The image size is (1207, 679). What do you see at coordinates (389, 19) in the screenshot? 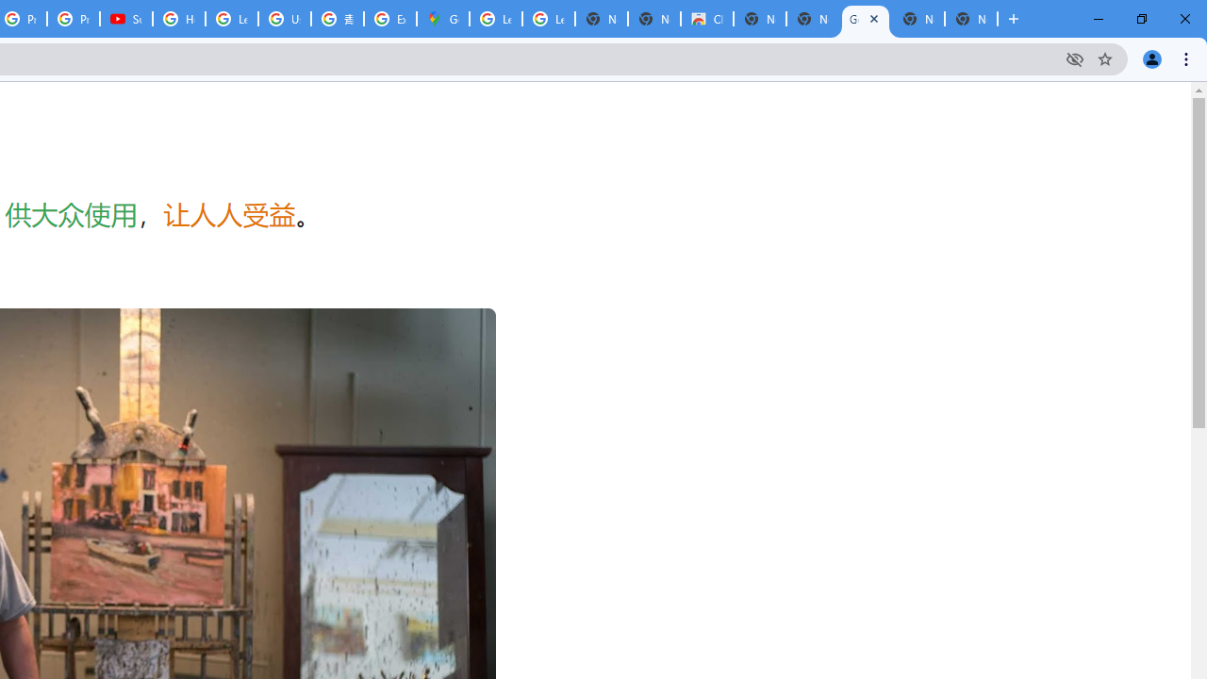
I see `'Explore new street-level details - Google Maps Help'` at bounding box center [389, 19].